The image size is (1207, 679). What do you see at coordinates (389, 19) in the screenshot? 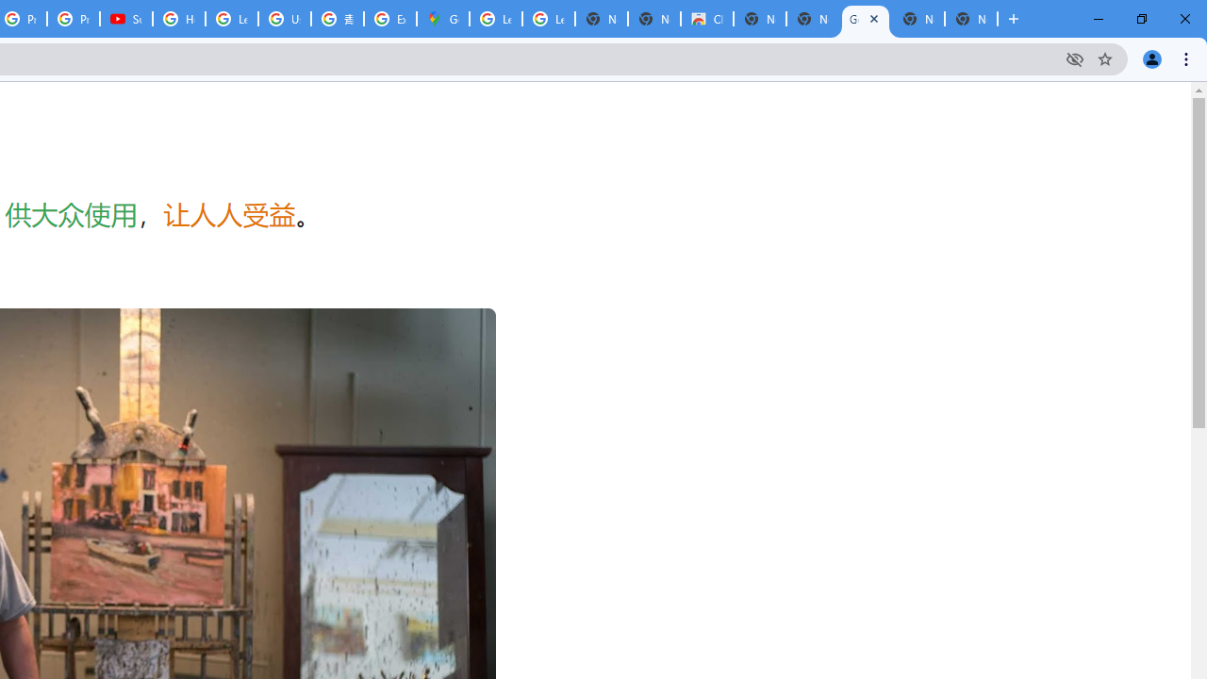
I see `'Explore new street-level details - Google Maps Help'` at bounding box center [389, 19].